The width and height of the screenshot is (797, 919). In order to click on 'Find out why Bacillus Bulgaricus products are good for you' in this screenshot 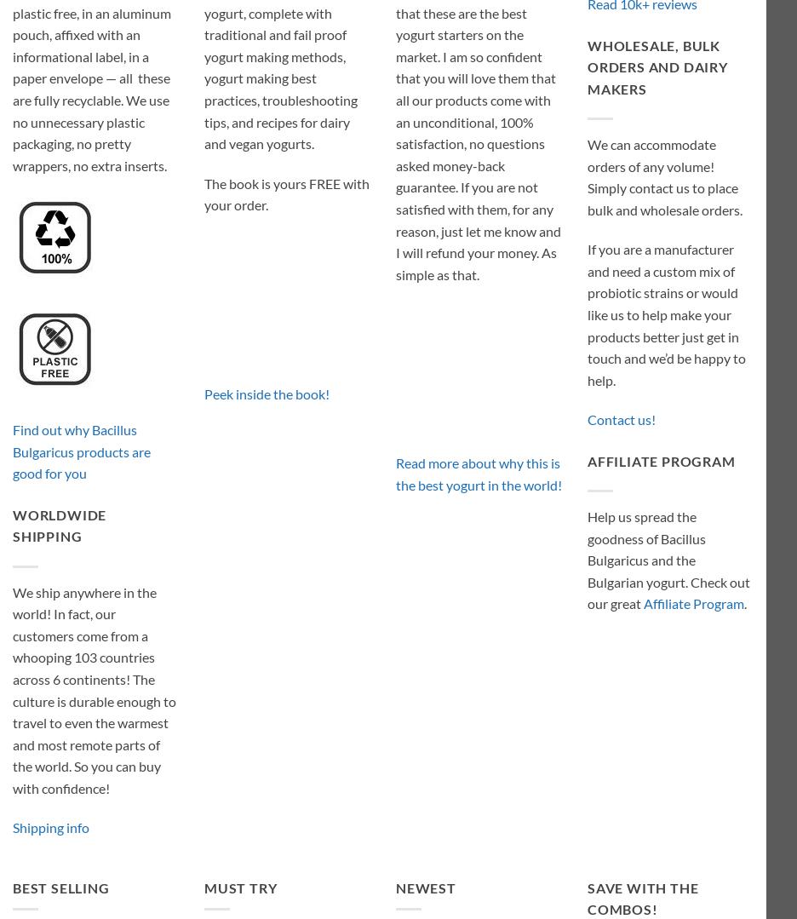, I will do `click(81, 451)`.